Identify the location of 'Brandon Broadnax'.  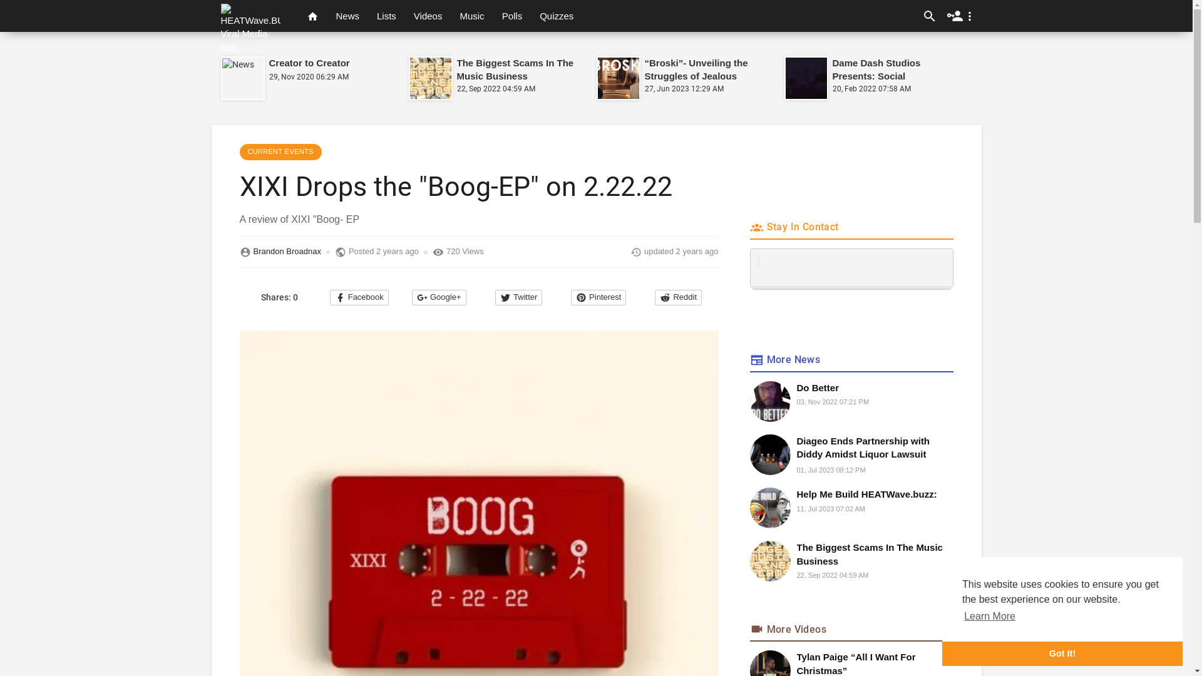
(285, 252).